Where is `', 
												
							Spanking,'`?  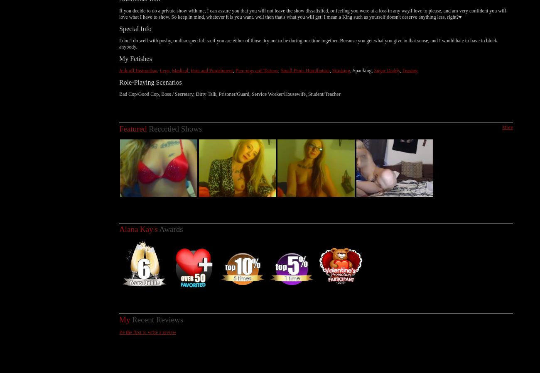
', 
												
							Spanking,' is located at coordinates (361, 61).